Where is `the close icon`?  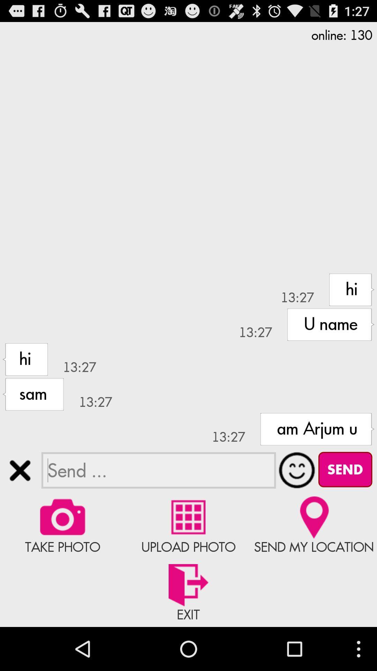
the close icon is located at coordinates (20, 503).